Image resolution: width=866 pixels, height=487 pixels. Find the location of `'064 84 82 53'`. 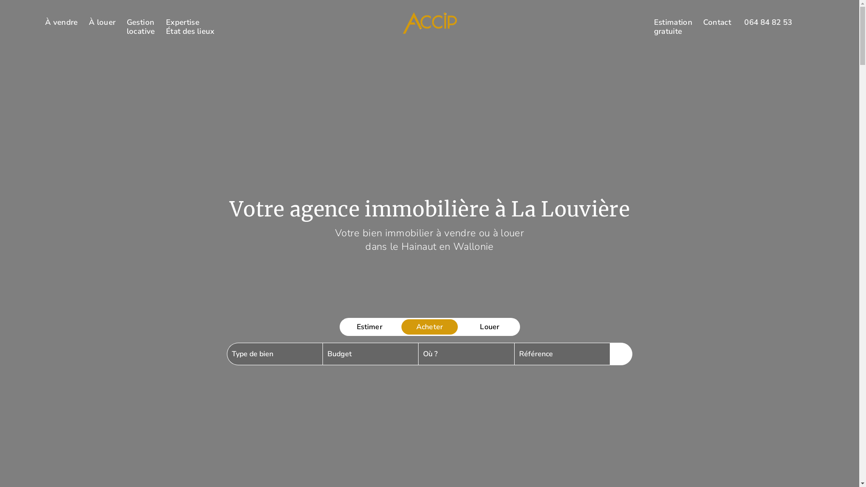

'064 84 82 53' is located at coordinates (768, 22).